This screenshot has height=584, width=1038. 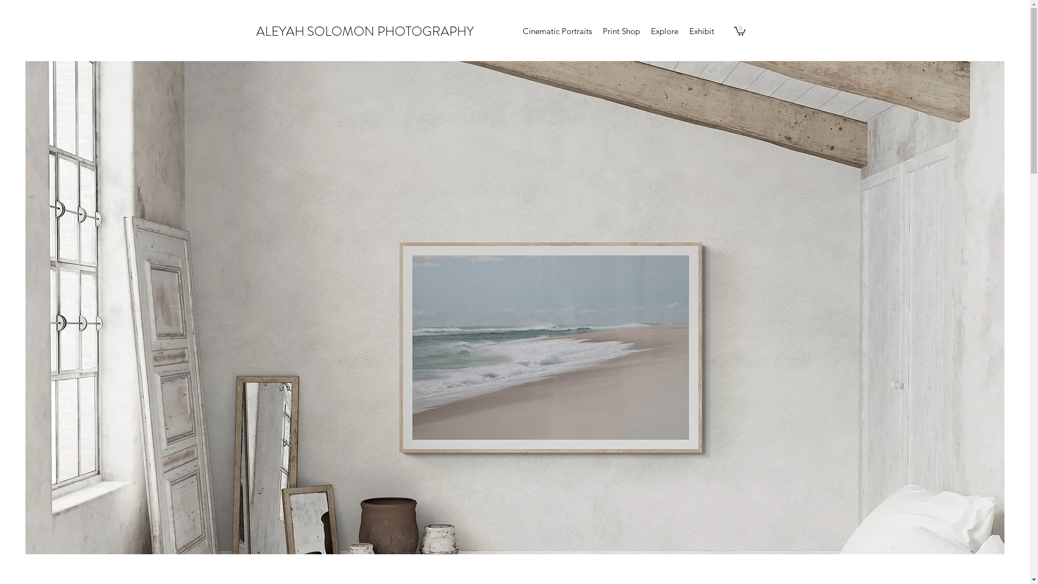 I want to click on 'Cinematic Portraits', so click(x=516, y=30).